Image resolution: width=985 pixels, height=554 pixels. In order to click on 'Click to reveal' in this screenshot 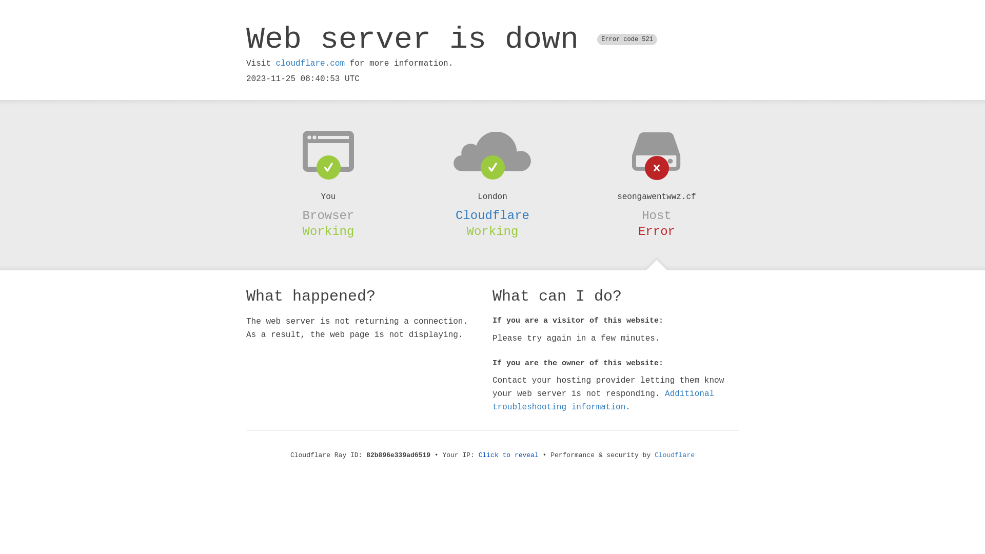, I will do `click(478, 454)`.